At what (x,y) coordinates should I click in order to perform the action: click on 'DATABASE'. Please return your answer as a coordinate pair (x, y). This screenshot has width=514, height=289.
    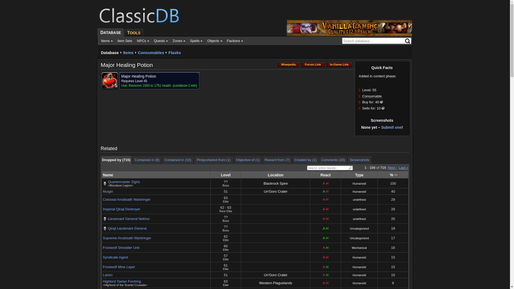
    Looking at the image, I should click on (97, 33).